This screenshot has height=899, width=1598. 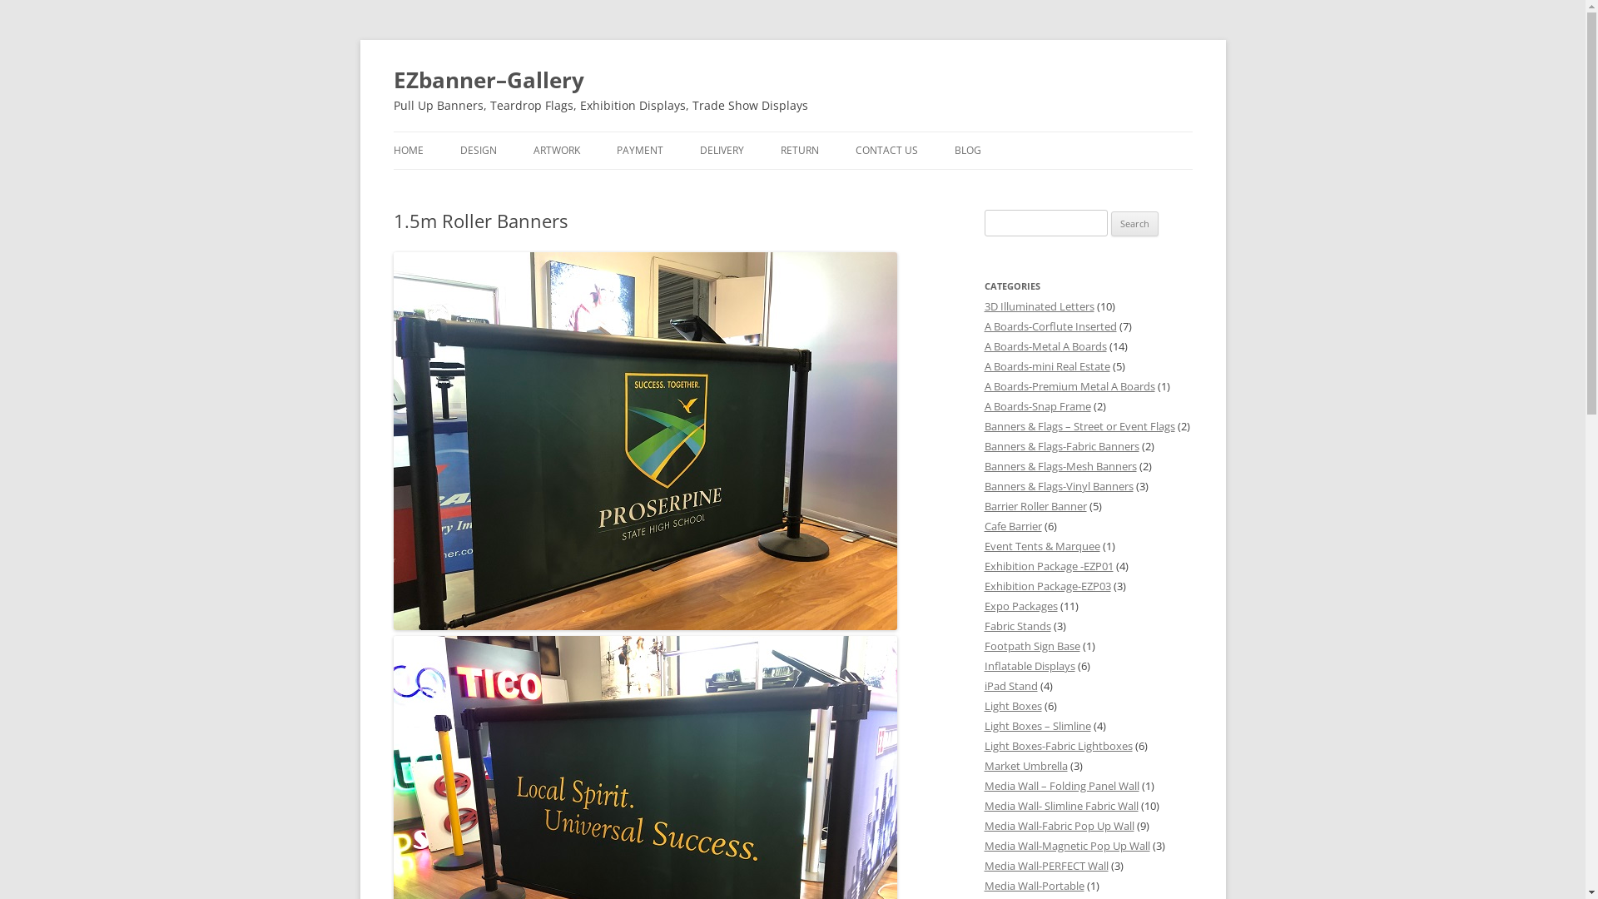 What do you see at coordinates (983, 664) in the screenshot?
I see `'Inflatable Displays'` at bounding box center [983, 664].